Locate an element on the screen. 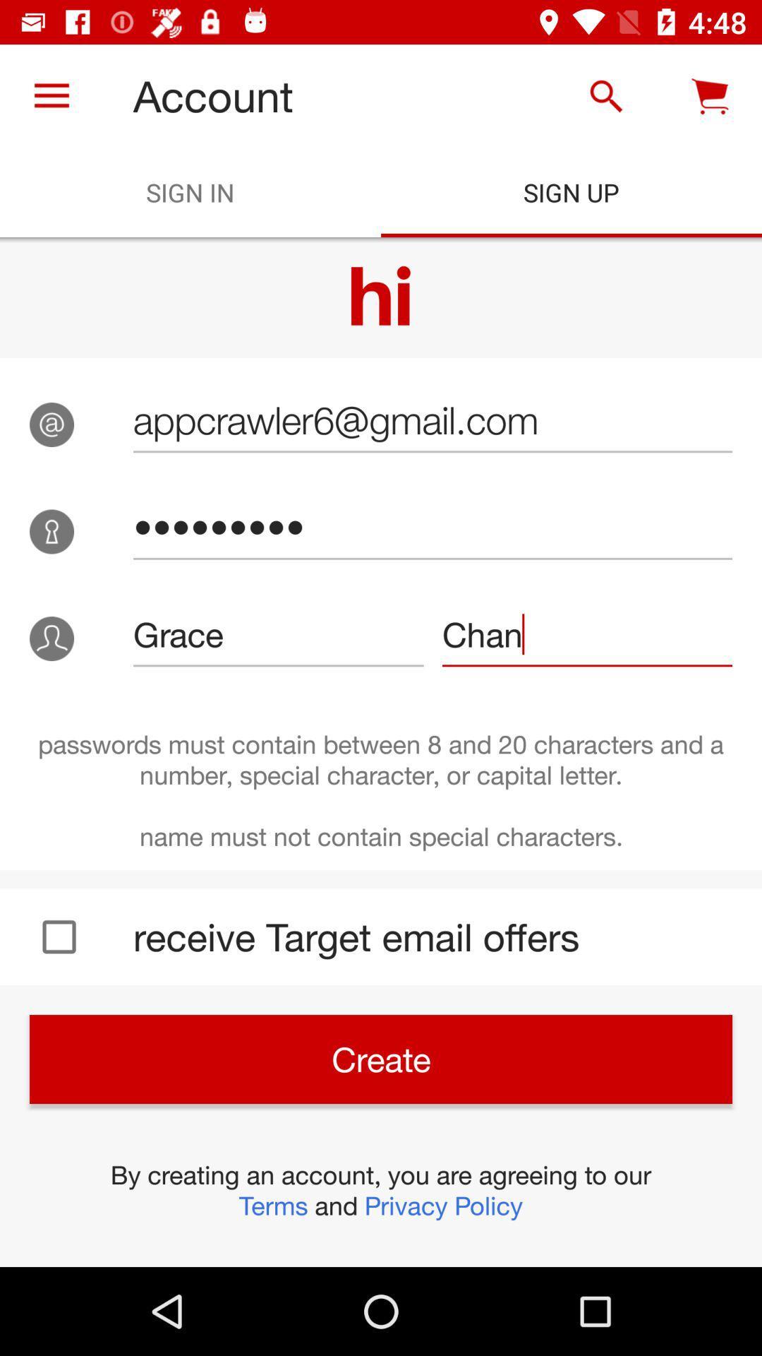  the icon to the right of grace icon is located at coordinates (587, 634).